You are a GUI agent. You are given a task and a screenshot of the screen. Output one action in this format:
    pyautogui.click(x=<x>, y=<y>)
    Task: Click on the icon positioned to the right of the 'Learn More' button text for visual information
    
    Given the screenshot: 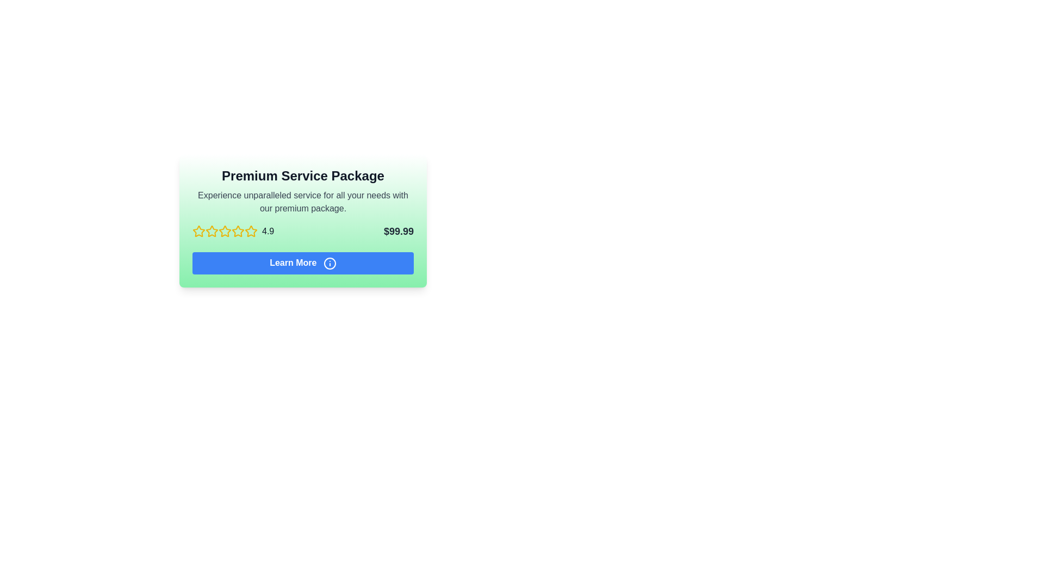 What is the action you would take?
    pyautogui.click(x=329, y=263)
    